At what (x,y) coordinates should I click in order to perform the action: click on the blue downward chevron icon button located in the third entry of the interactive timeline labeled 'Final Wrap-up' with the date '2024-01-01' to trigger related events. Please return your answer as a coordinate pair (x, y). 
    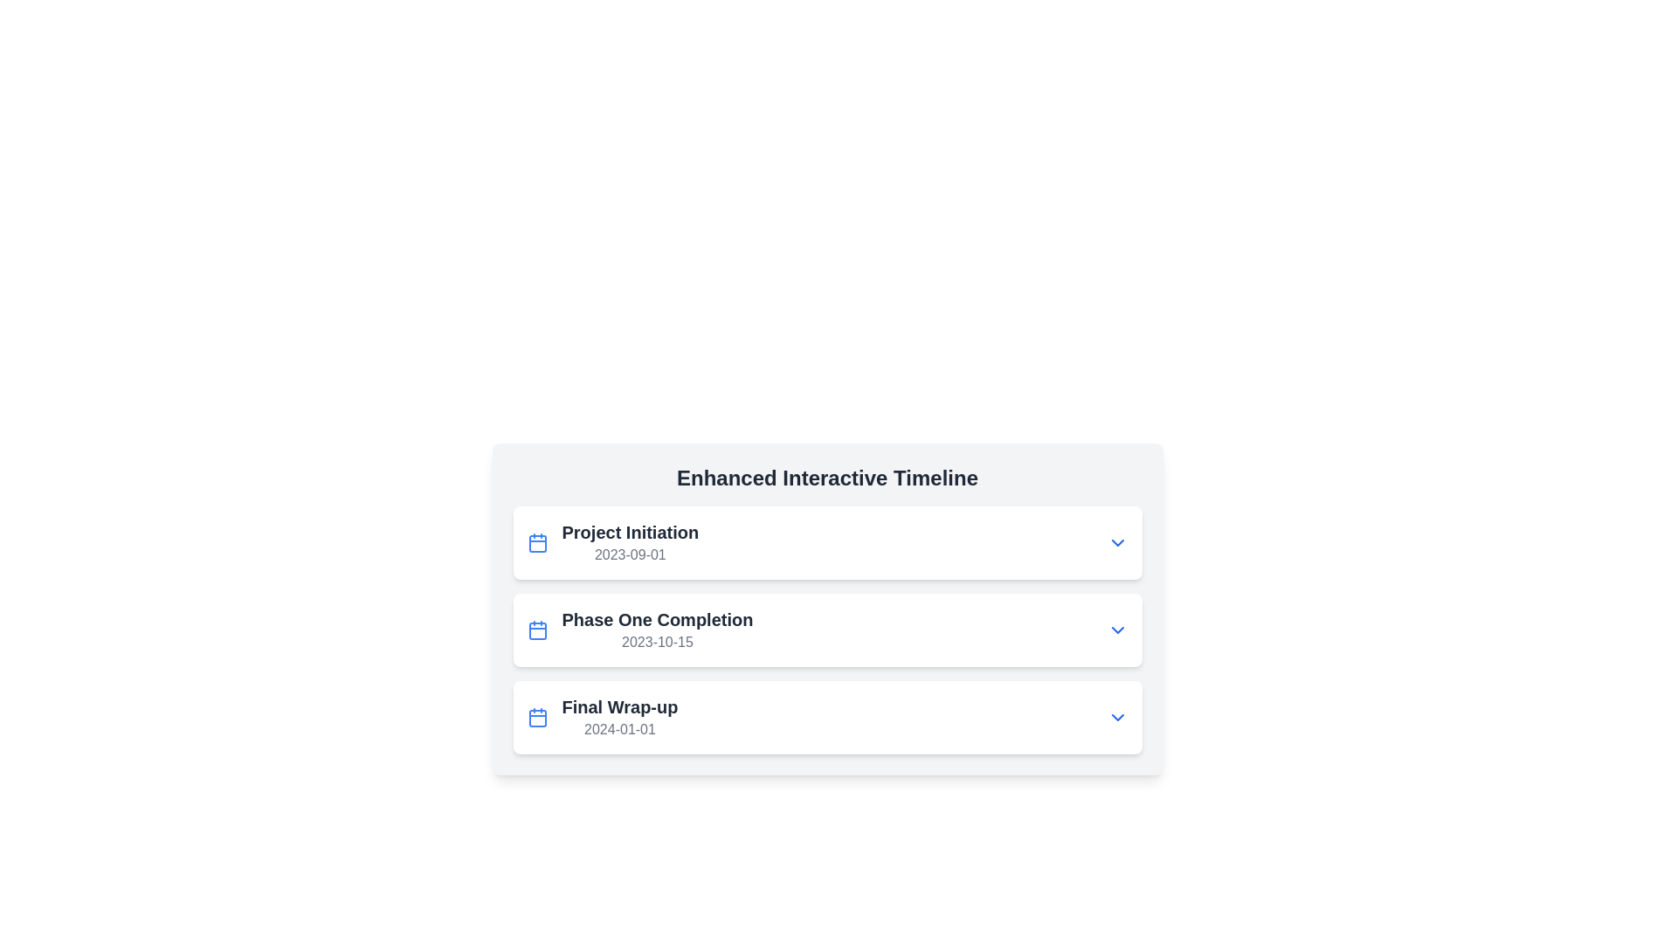
    Looking at the image, I should click on (1116, 717).